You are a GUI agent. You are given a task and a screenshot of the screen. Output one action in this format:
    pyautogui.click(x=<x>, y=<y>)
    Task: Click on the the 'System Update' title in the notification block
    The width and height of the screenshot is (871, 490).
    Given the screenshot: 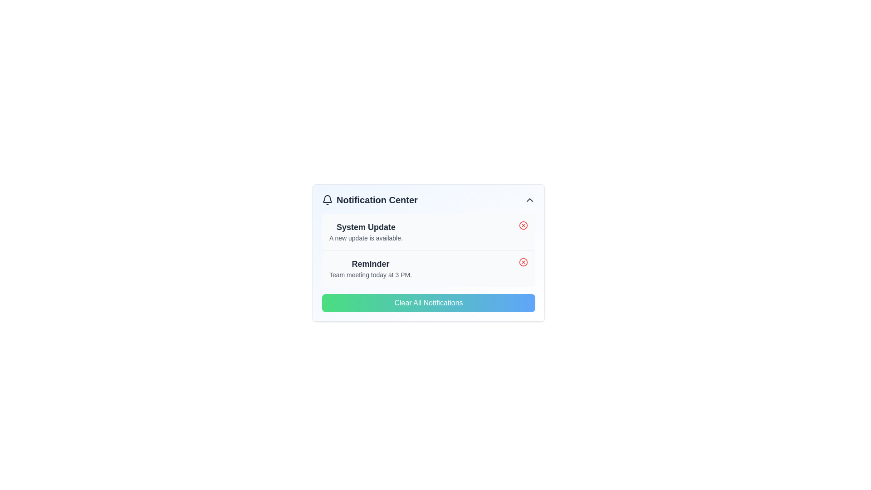 What is the action you would take?
    pyautogui.click(x=366, y=227)
    